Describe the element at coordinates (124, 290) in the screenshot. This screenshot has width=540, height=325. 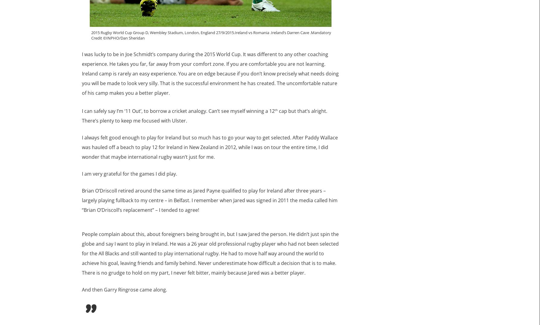
I see `'And then Garry Ringrose came along.'` at that location.